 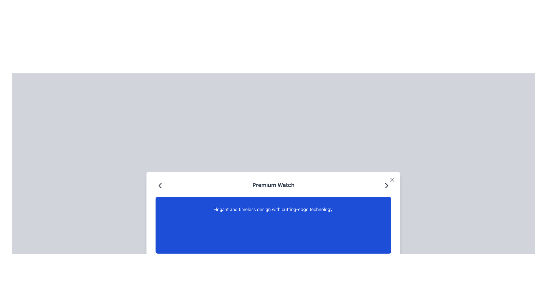 I want to click on the 'Premium Watch' text label, so click(x=273, y=186).